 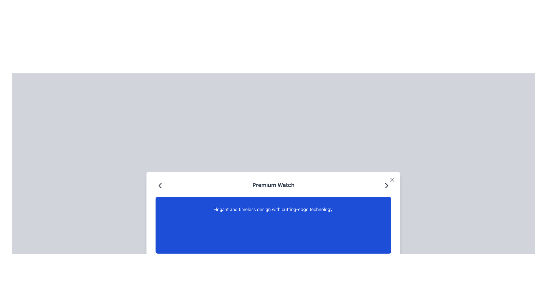 I want to click on the 'Premium Watch' text label, so click(x=273, y=186).